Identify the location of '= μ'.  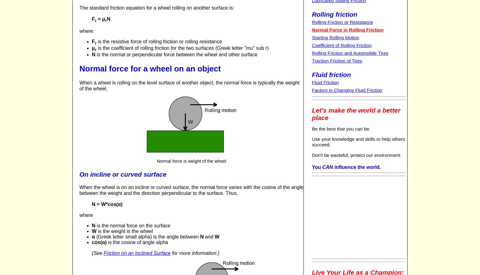
(100, 19).